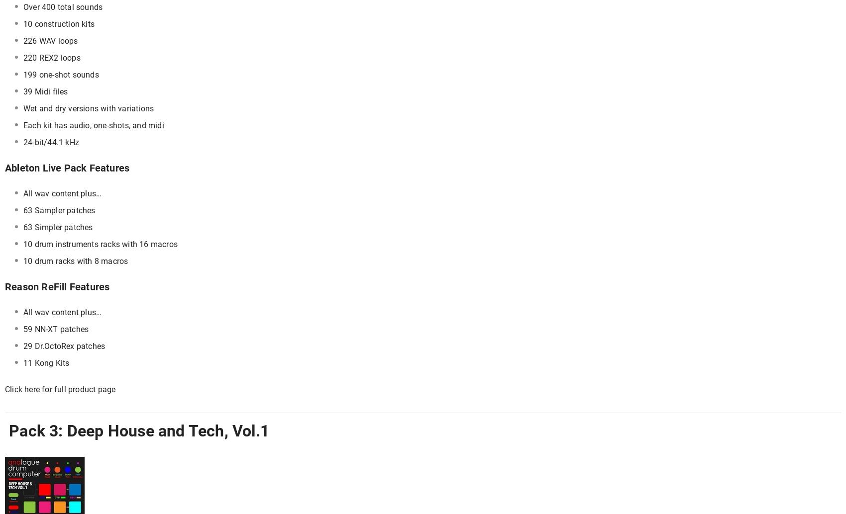 This screenshot has height=514, width=846. I want to click on '220 REX2 loops', so click(52, 58).